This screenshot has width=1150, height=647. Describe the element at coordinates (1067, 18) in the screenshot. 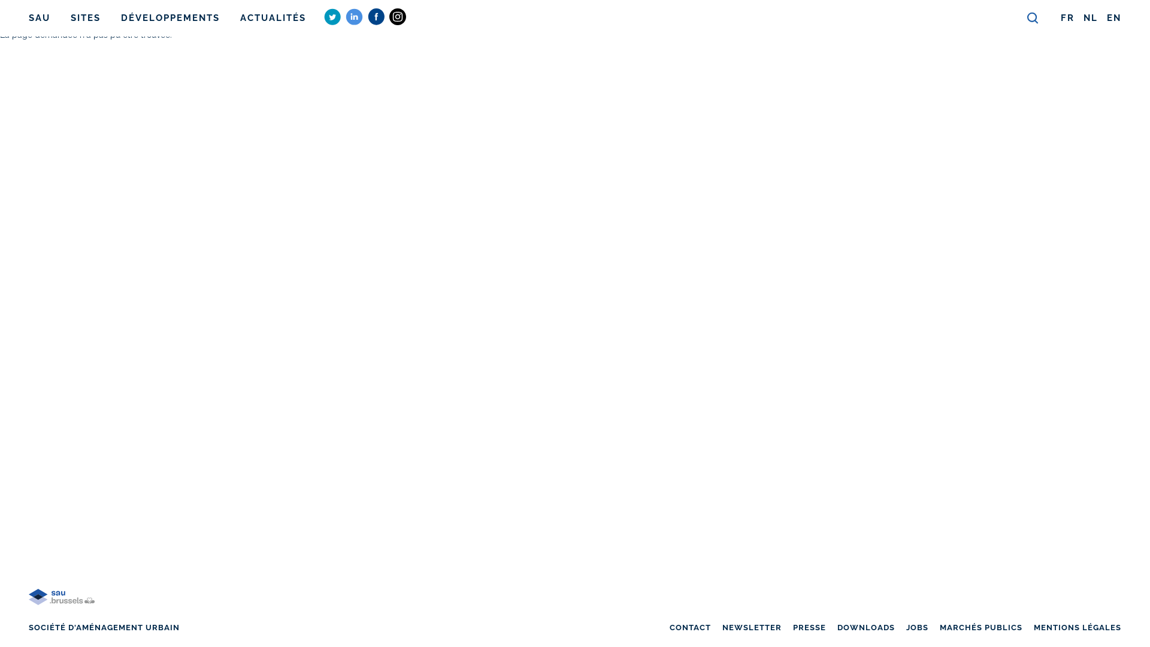

I see `'FR'` at that location.